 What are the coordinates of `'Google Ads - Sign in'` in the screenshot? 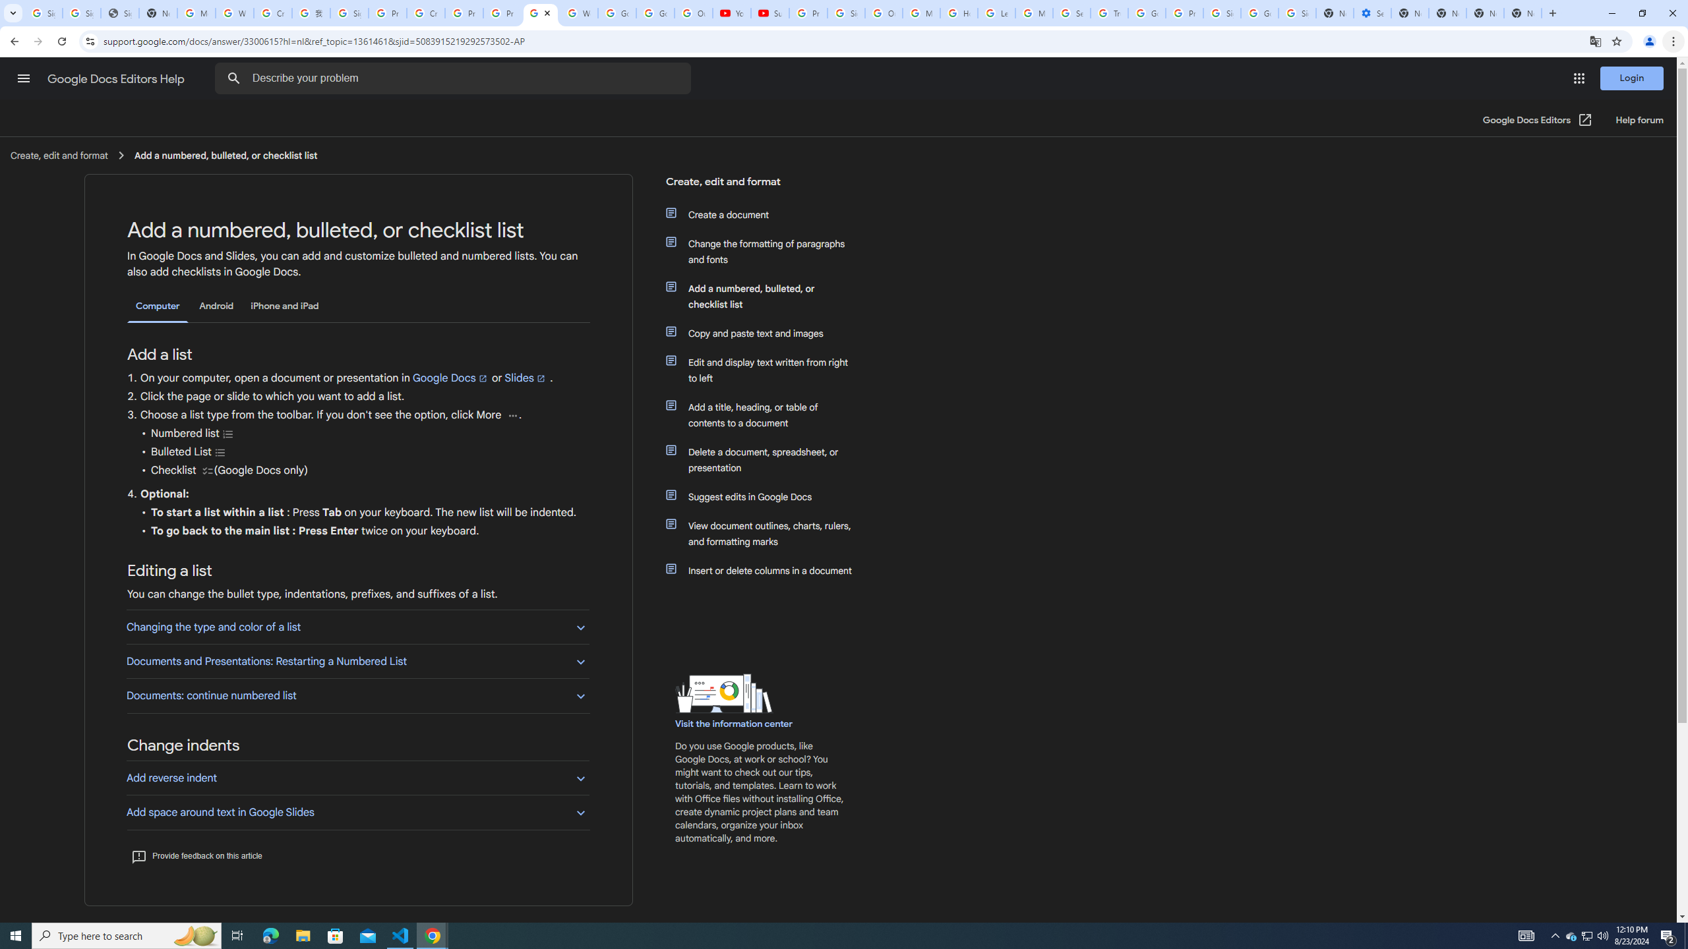 It's located at (1146, 13).